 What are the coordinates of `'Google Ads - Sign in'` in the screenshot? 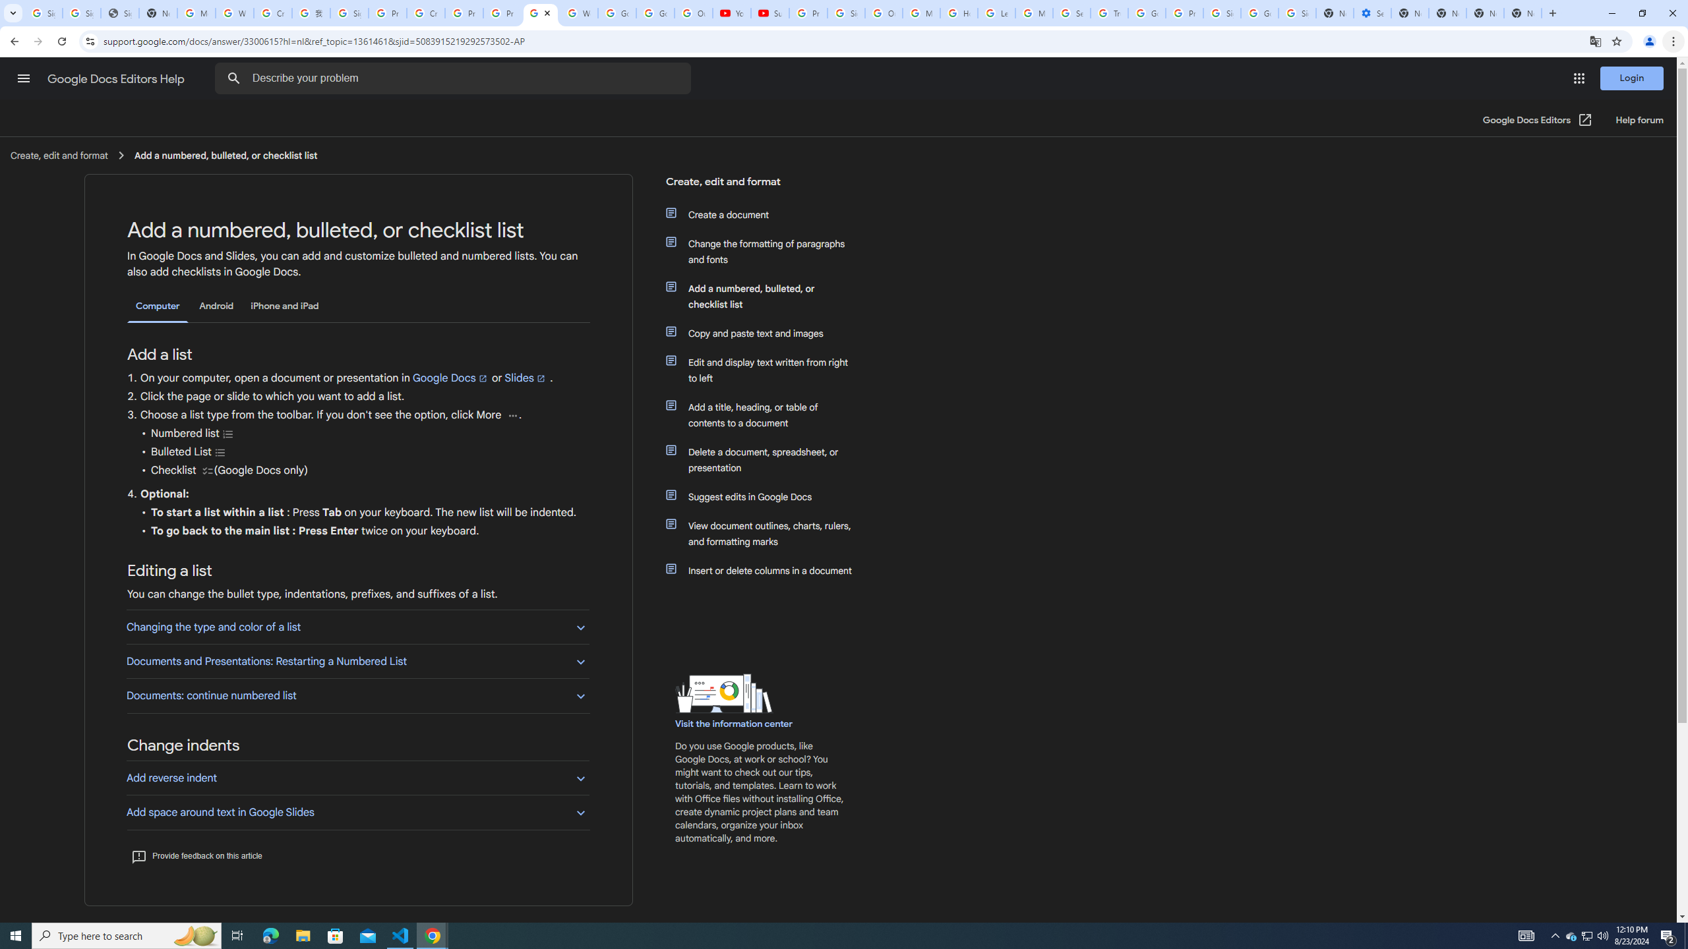 It's located at (1146, 13).